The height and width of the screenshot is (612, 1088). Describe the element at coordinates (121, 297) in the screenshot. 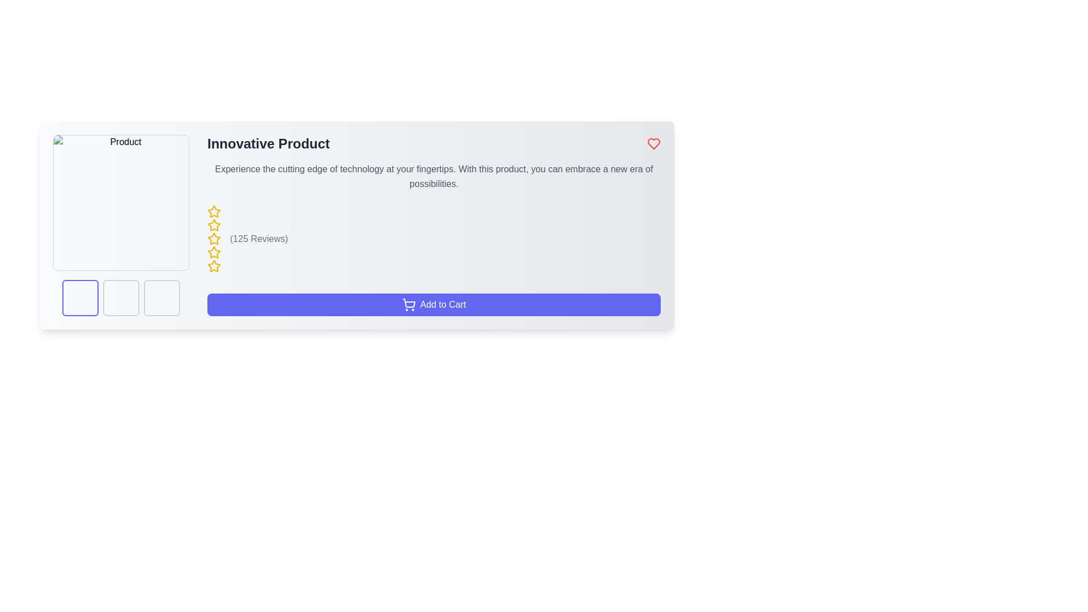

I see `the second selectable box or button, which is located to the right of a blue-bordered box and left of a gray-bordered box` at that location.